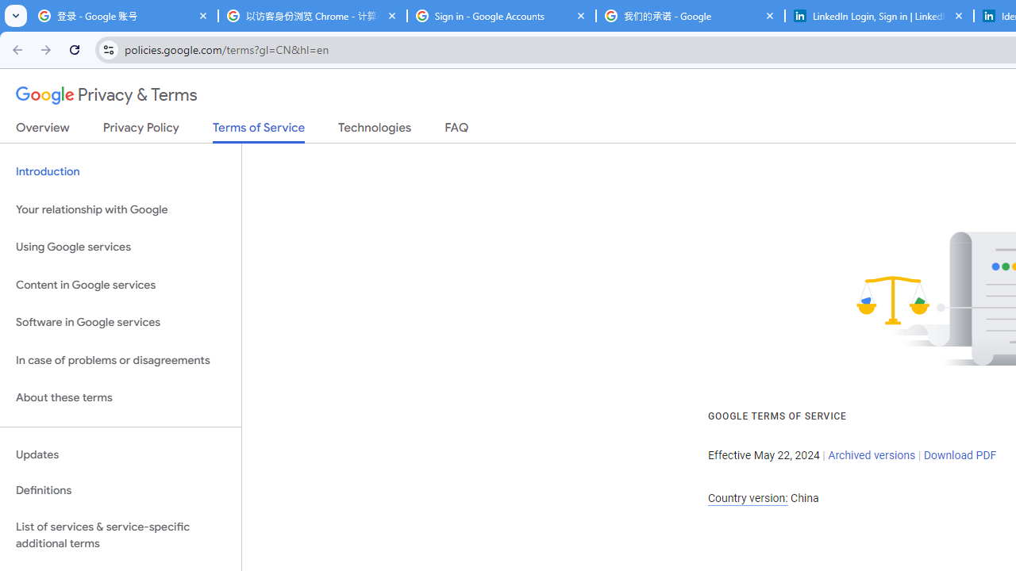  What do you see at coordinates (120, 209) in the screenshot?
I see `'Your relationship with Google'` at bounding box center [120, 209].